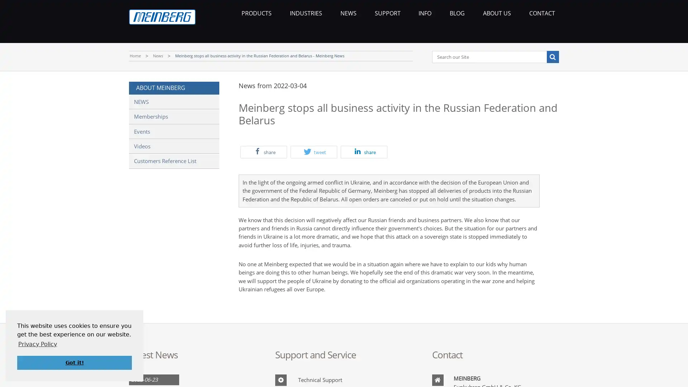 The width and height of the screenshot is (688, 387). I want to click on Share on Twitter, so click(314, 152).